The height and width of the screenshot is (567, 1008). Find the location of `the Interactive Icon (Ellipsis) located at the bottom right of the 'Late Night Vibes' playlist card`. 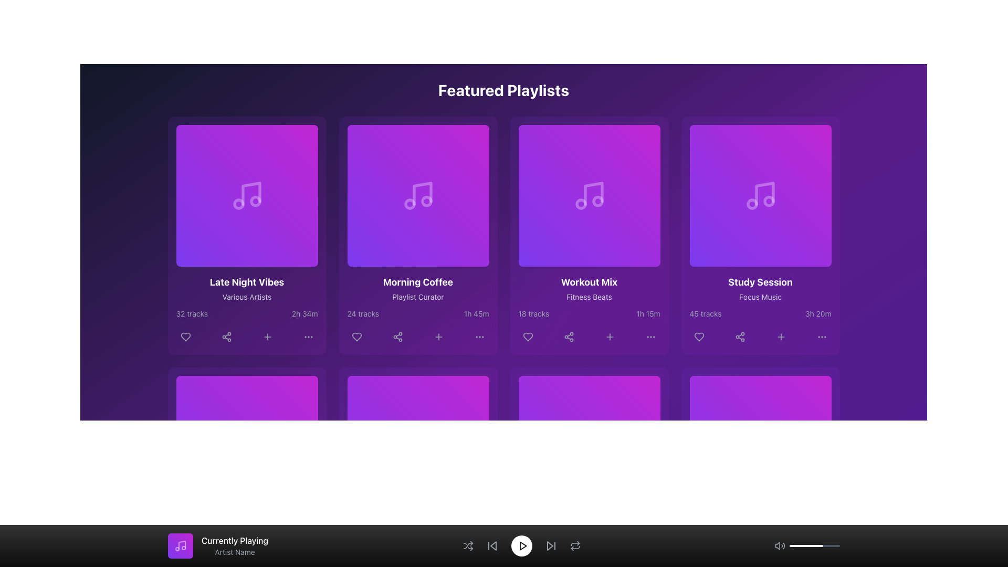

the Interactive Icon (Ellipsis) located at the bottom right of the 'Late Night Vibes' playlist card is located at coordinates (308, 337).